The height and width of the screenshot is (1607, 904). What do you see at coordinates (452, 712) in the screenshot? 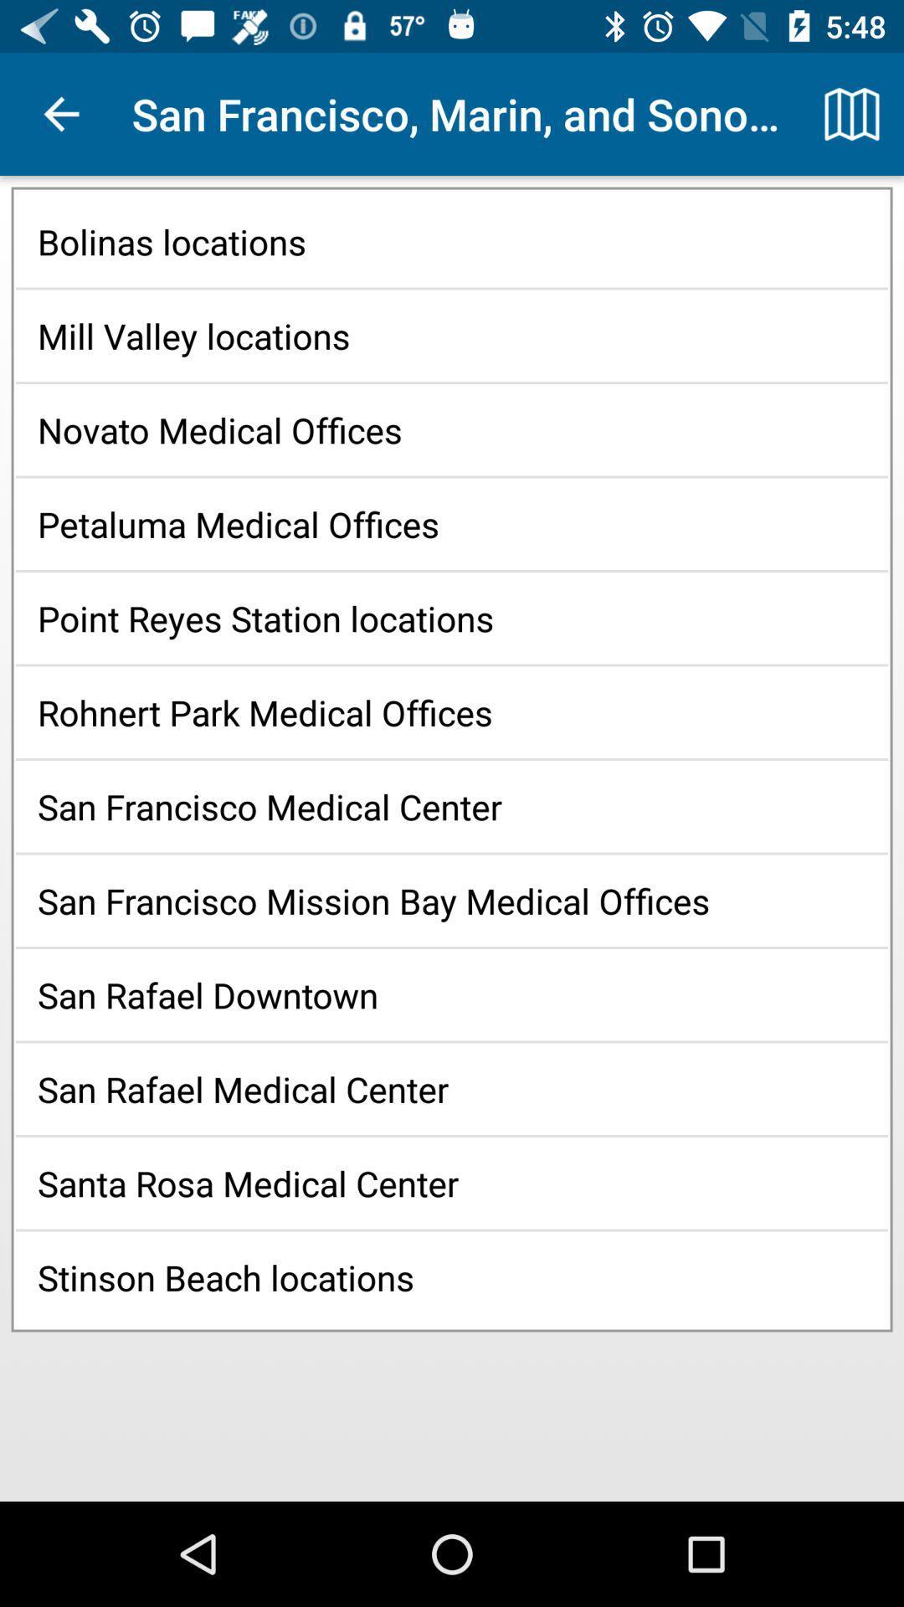
I see `the icon above the san francisco medical item` at bounding box center [452, 712].